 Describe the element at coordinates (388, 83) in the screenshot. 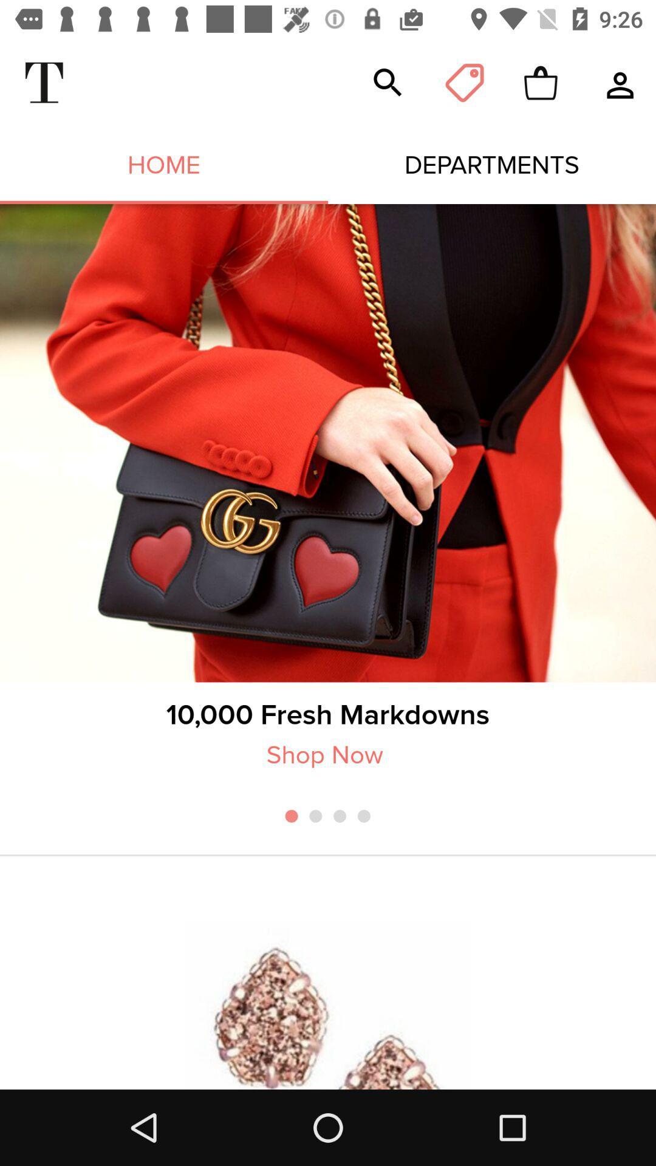

I see `the search icon which is beside t` at that location.